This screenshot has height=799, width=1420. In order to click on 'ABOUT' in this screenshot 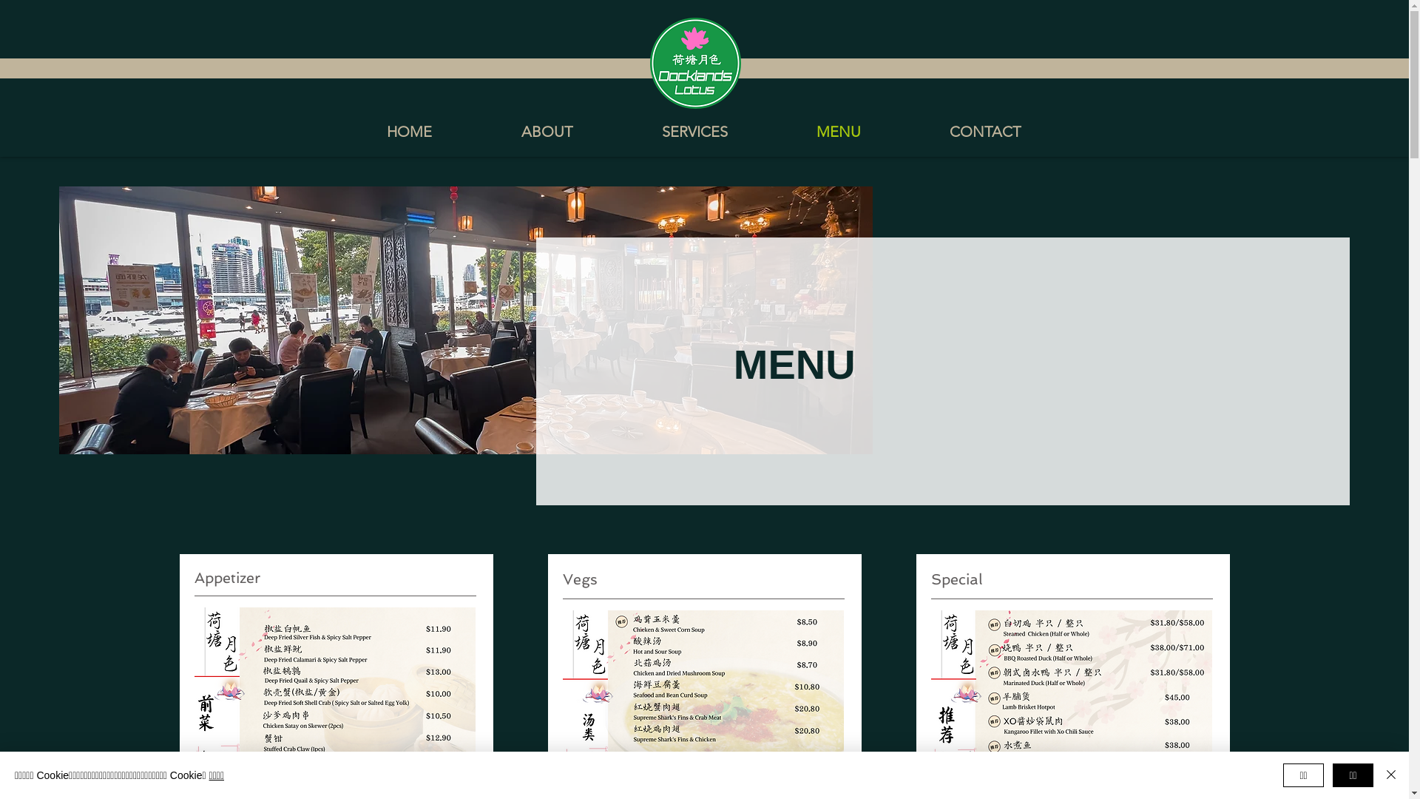, I will do `click(476, 130)`.